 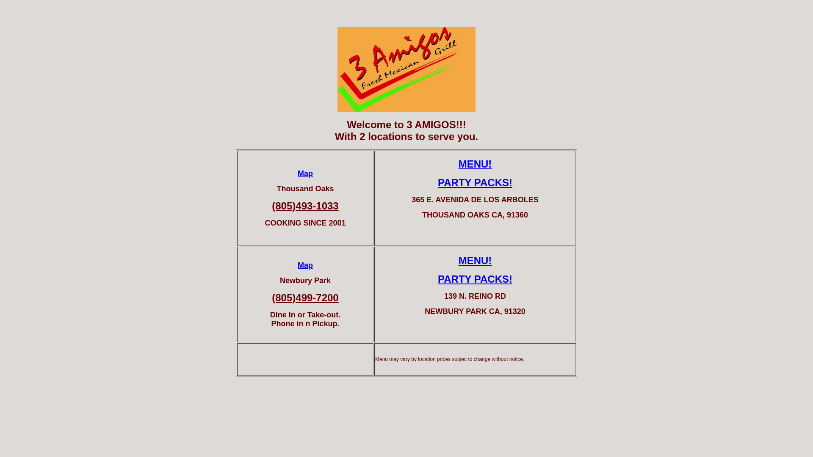 What do you see at coordinates (475, 260) in the screenshot?
I see `'MENU!'` at bounding box center [475, 260].